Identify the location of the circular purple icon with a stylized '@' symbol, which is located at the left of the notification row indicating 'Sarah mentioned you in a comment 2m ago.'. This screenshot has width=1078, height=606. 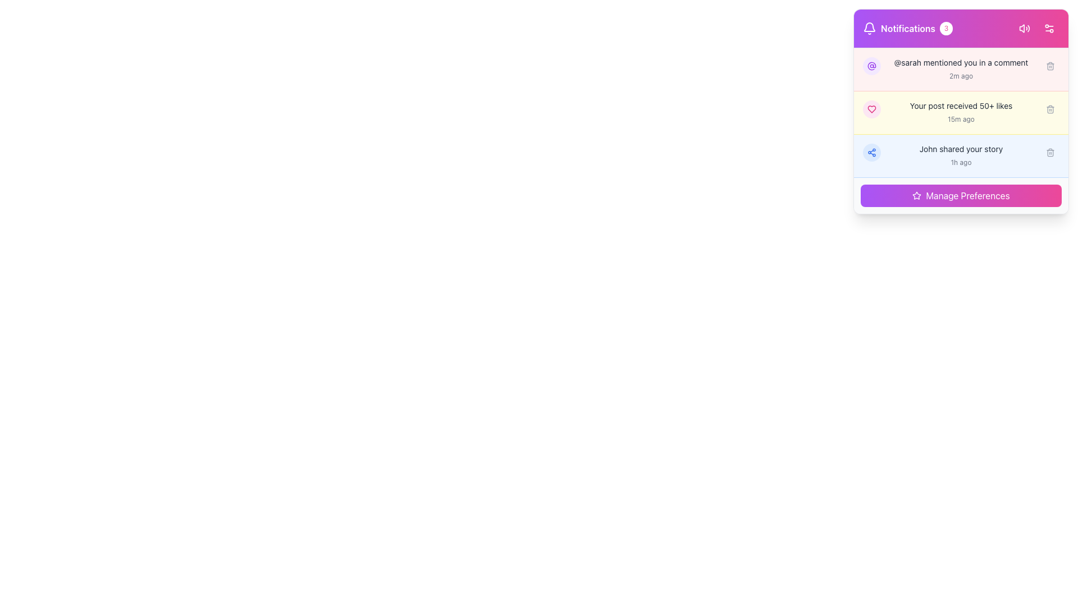
(871, 66).